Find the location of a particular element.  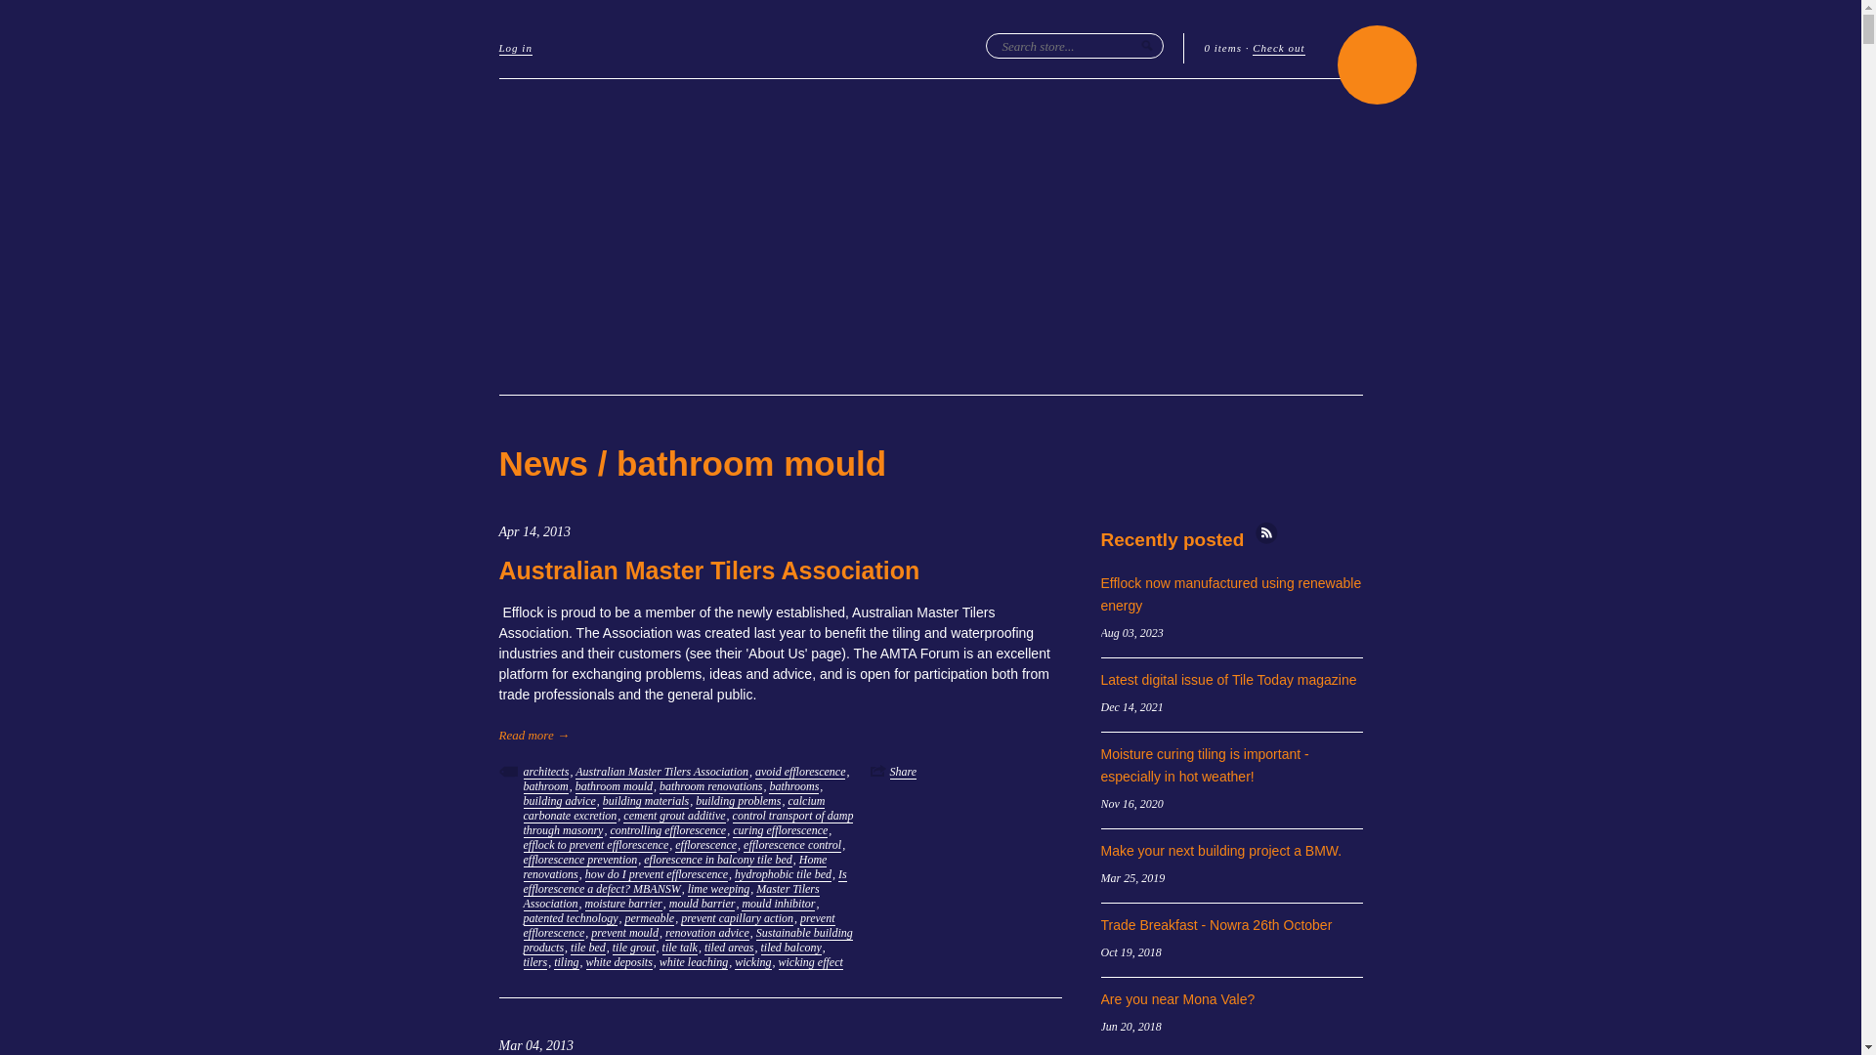

'building materials' is located at coordinates (646, 801).